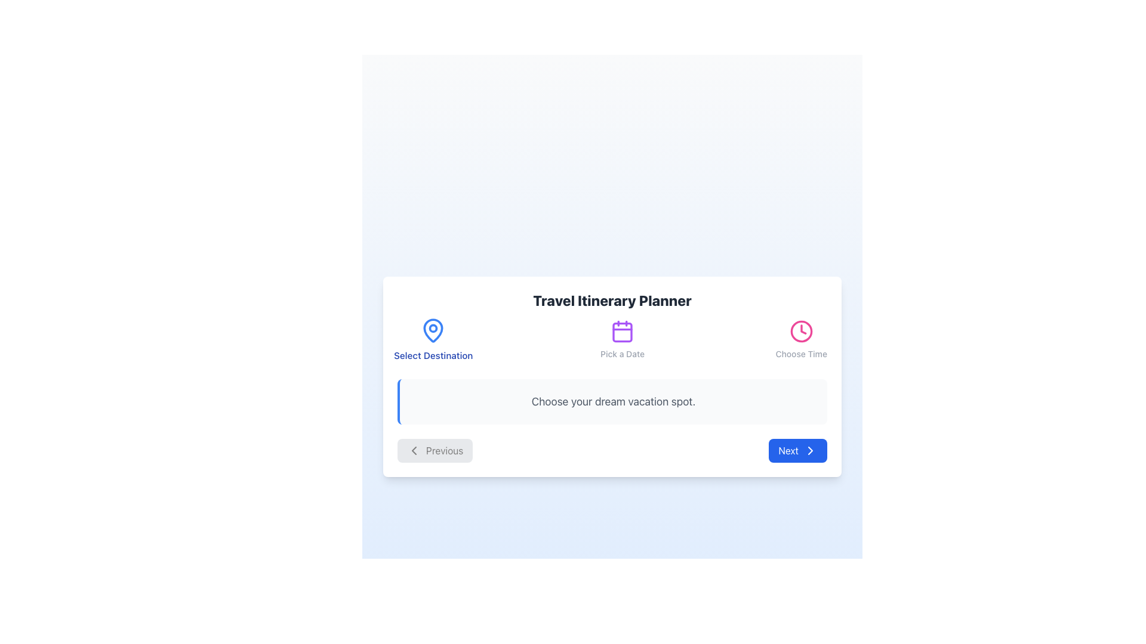 Image resolution: width=1146 pixels, height=644 pixels. Describe the element at coordinates (801, 340) in the screenshot. I see `the circular pink clock icon with the text 'Choose Time' beneath it` at that location.